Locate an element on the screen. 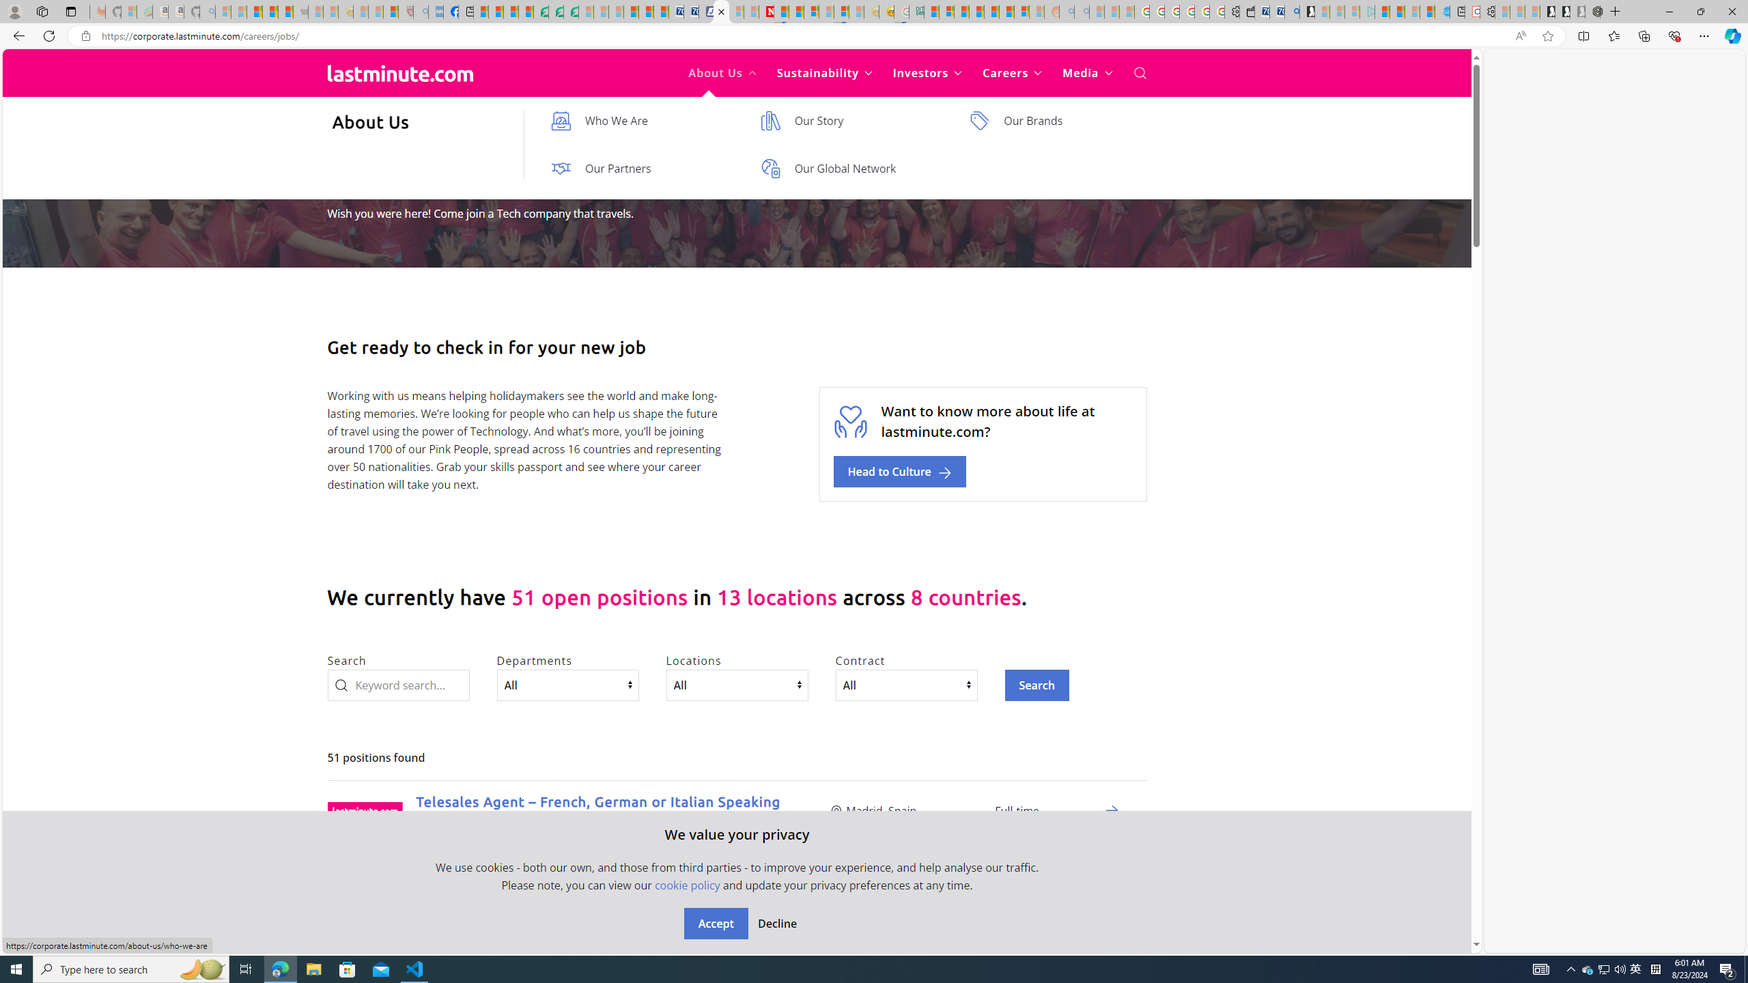 The image size is (1748, 983). 'Kinda Frugal - MSN' is located at coordinates (1006, 11).